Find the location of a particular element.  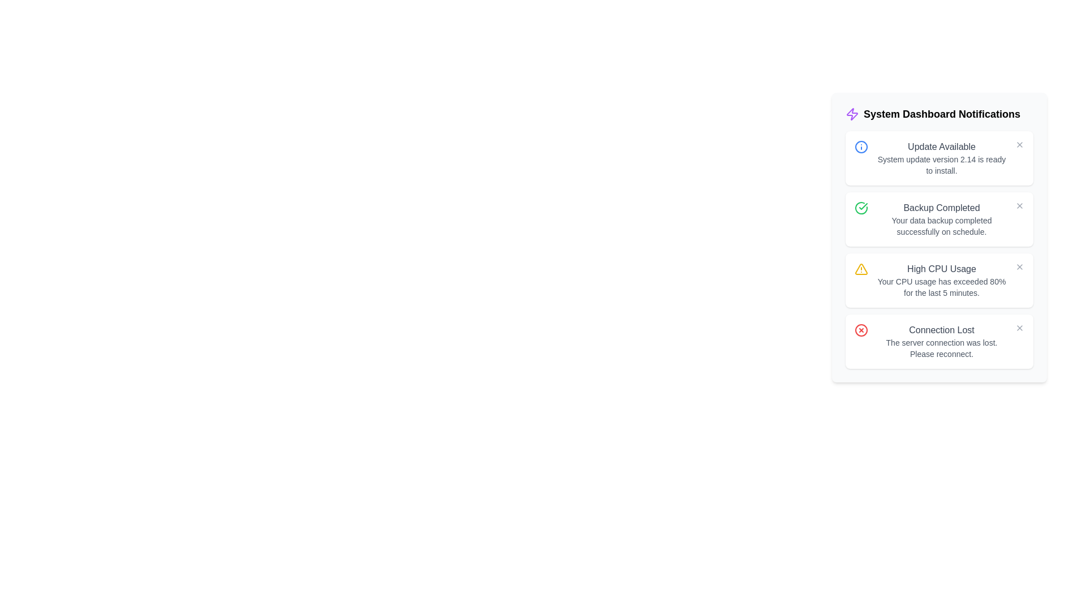

the central circular graphical component with a blue border and white fill, located within the blue information icon at the top-left of the 'Update Available' notification is located at coordinates (860, 146).